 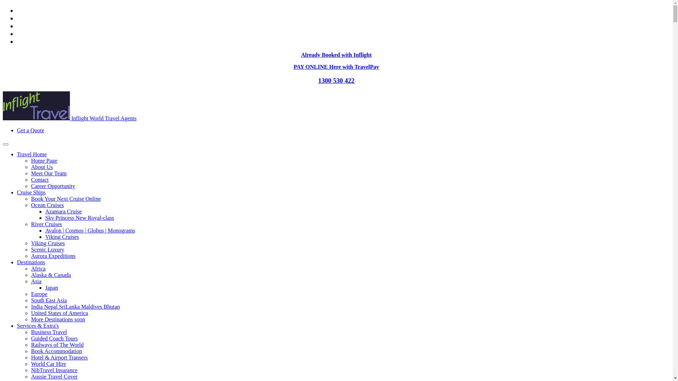 I want to click on 'About Us', so click(x=42, y=167).